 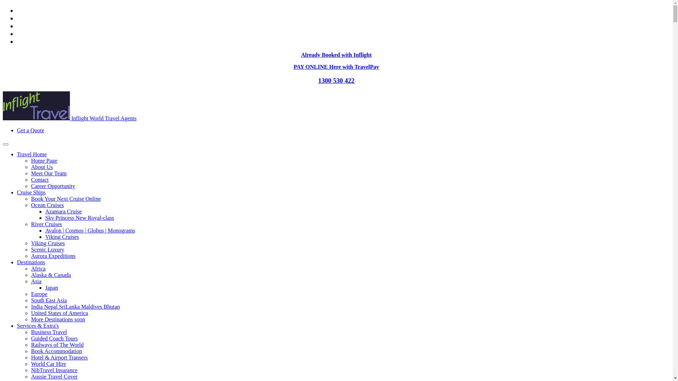 I want to click on 'About Us', so click(x=42, y=167).